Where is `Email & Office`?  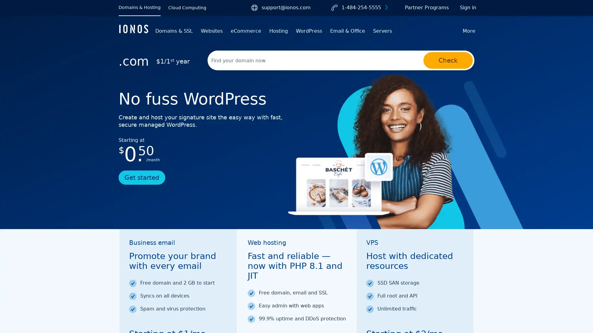
Email & Office is located at coordinates (340, 31).